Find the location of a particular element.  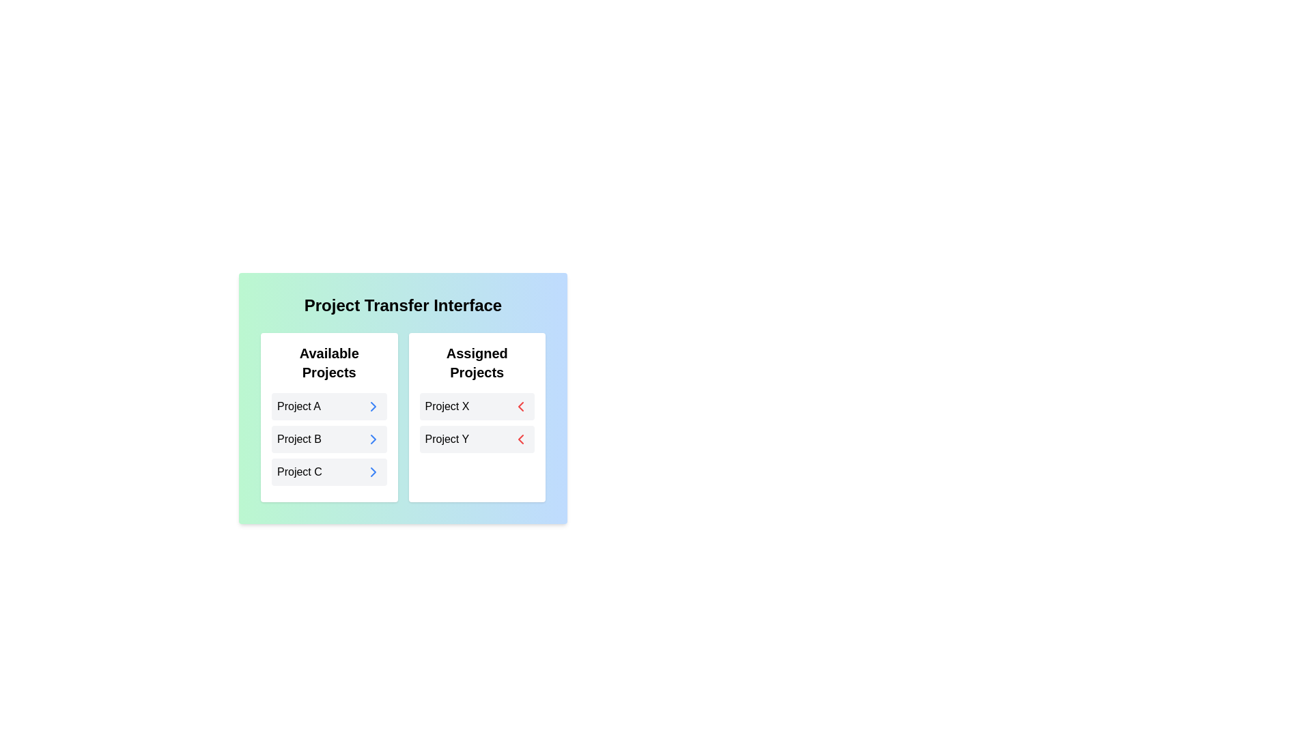

the chevron icon located to the right of the 'Project C' label in the 'Available Projects' section, which is the third item in a vertical list is located at coordinates (373, 471).